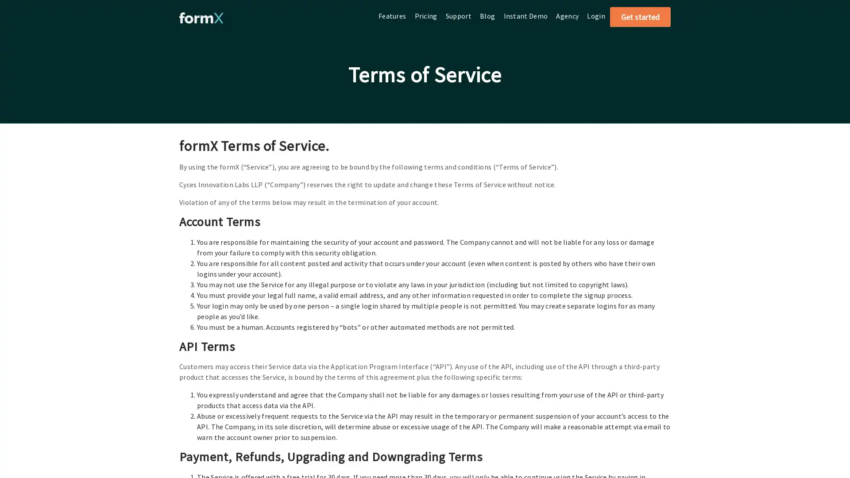  What do you see at coordinates (640, 17) in the screenshot?
I see `Get started` at bounding box center [640, 17].